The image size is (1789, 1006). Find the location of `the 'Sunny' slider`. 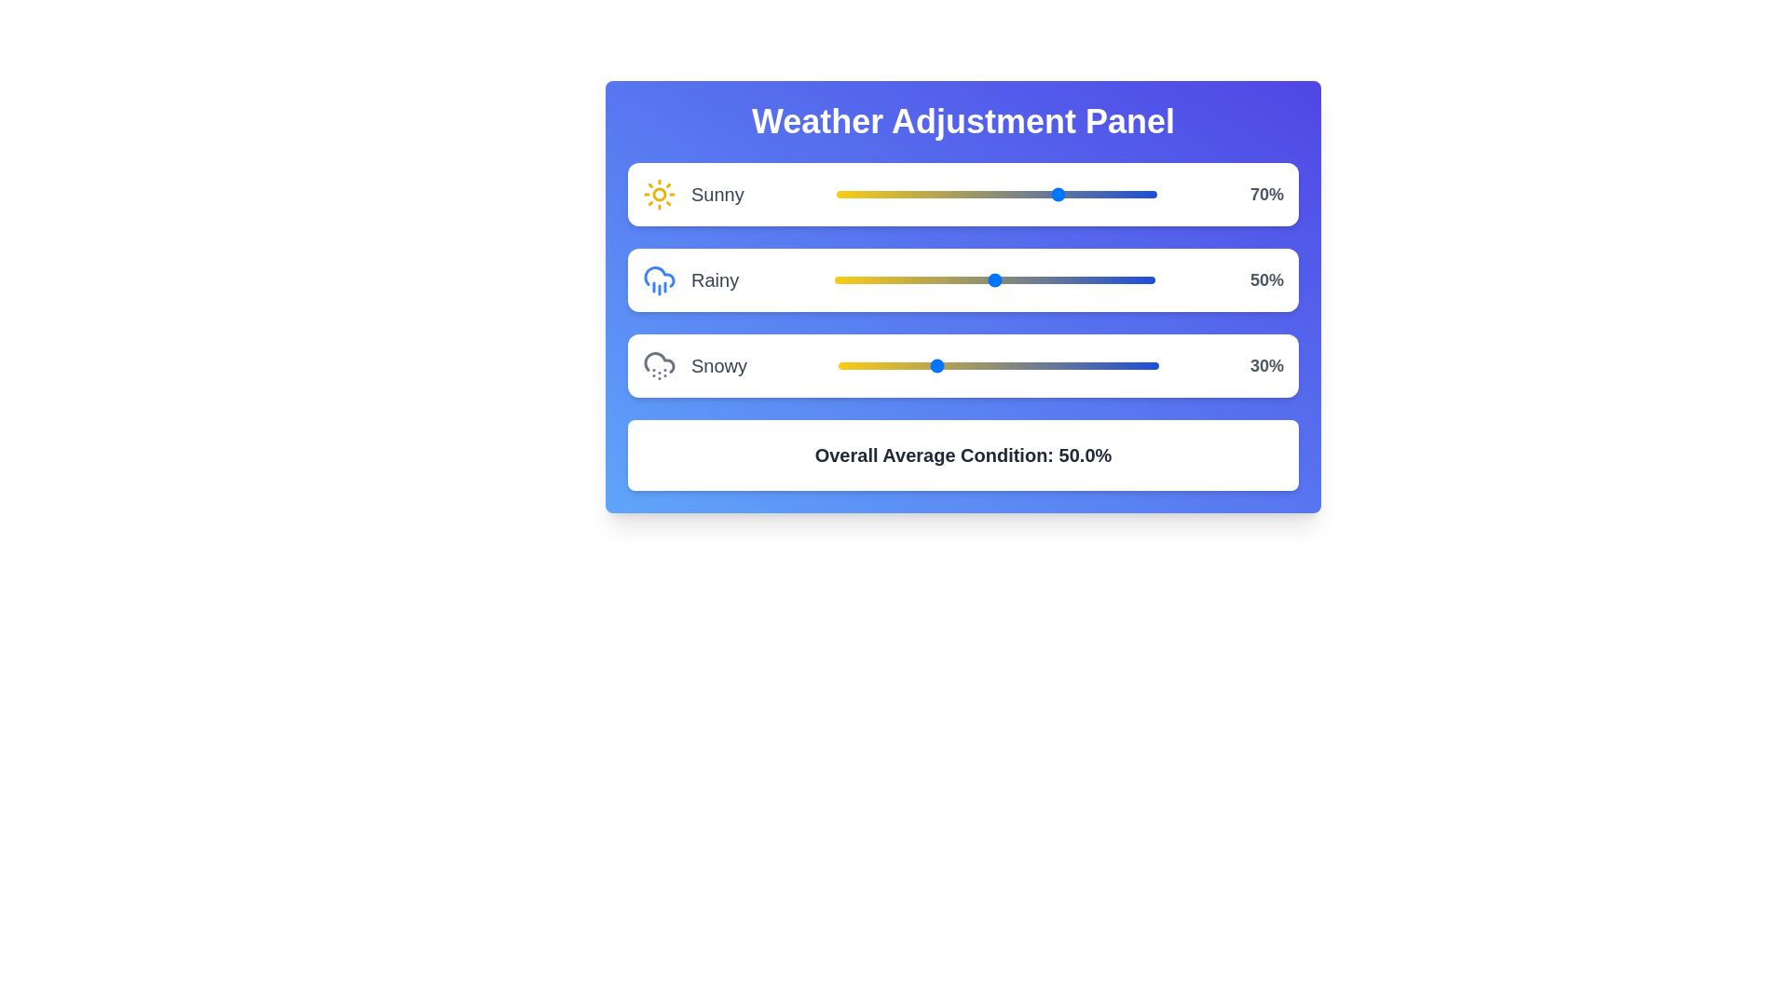

the 'Sunny' slider is located at coordinates (1015, 190).